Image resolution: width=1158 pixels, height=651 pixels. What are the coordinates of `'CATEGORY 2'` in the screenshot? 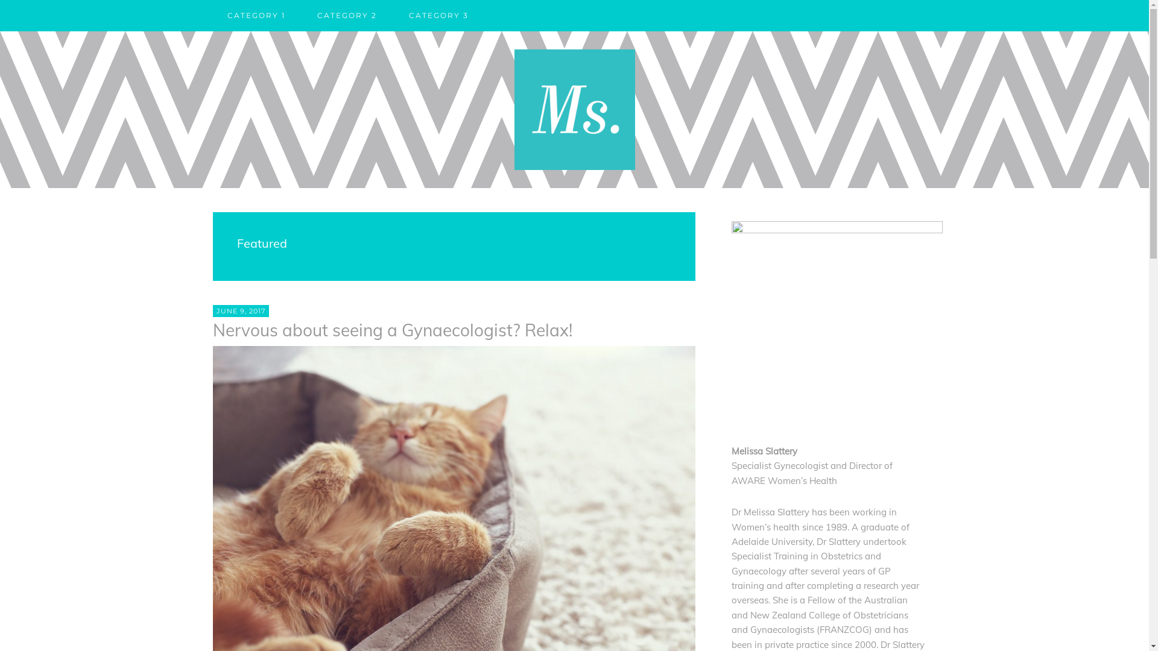 It's located at (346, 16).